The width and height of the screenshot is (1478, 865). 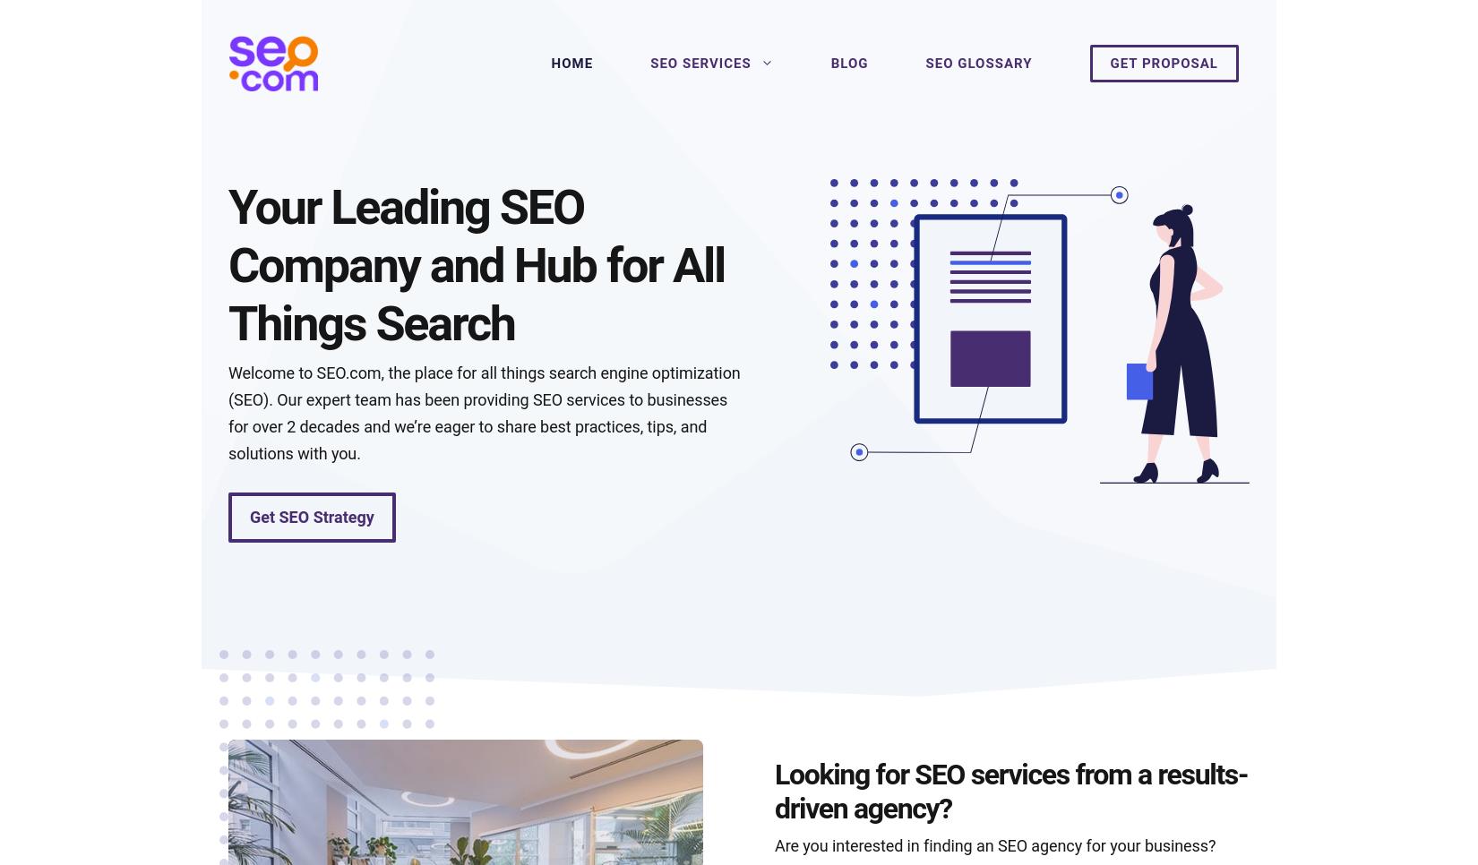 What do you see at coordinates (787, 590) in the screenshot?
I see `'How to create a Google My Business profile'` at bounding box center [787, 590].